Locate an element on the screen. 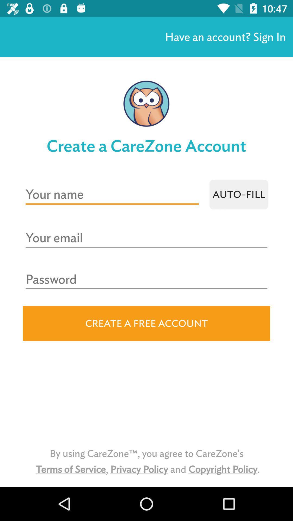 The height and width of the screenshot is (521, 293). icon below the create a free icon is located at coordinates (146, 461).